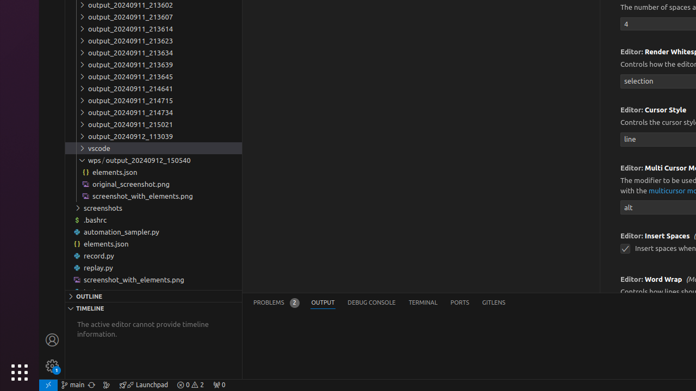  What do you see at coordinates (72, 384) in the screenshot?
I see `'OSWorld (Git) - main, Checkout Branch/Tag...'` at bounding box center [72, 384].